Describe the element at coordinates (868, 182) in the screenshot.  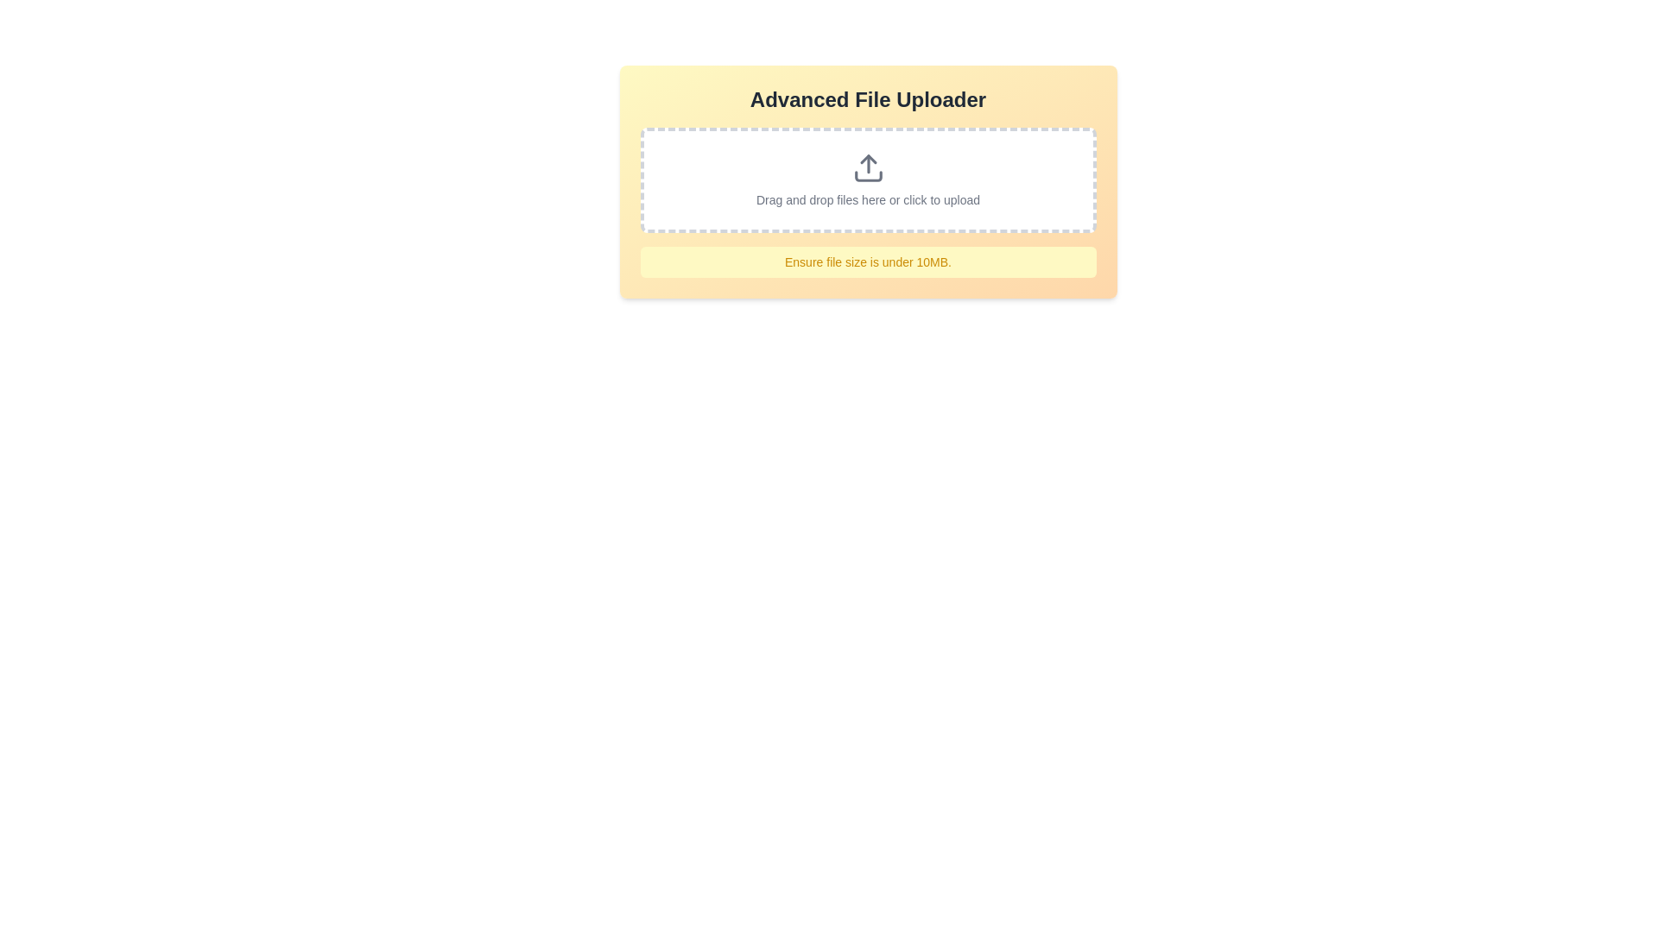
I see `files into the drop area of the 'Advanced File Uploader' interface` at that location.